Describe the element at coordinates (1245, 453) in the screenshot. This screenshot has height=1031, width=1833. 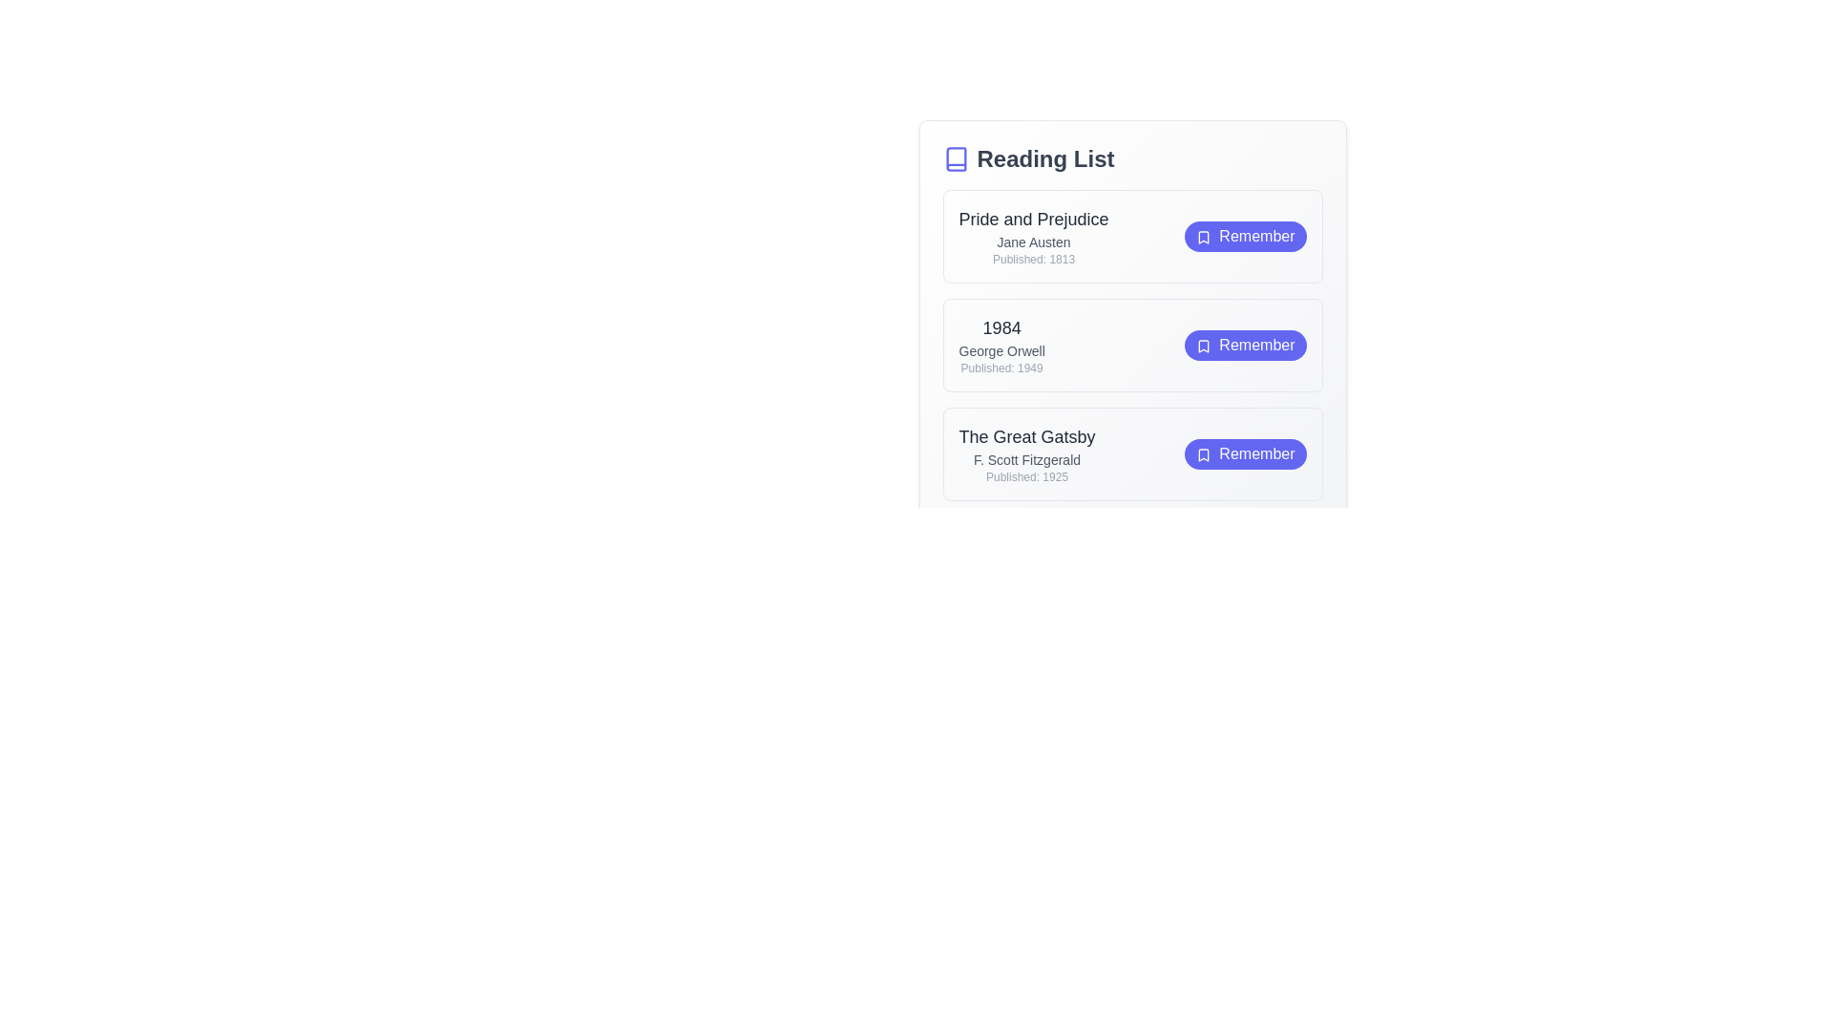
I see `the 'Remember' button for the book titled 'The Great Gatsby'` at that location.